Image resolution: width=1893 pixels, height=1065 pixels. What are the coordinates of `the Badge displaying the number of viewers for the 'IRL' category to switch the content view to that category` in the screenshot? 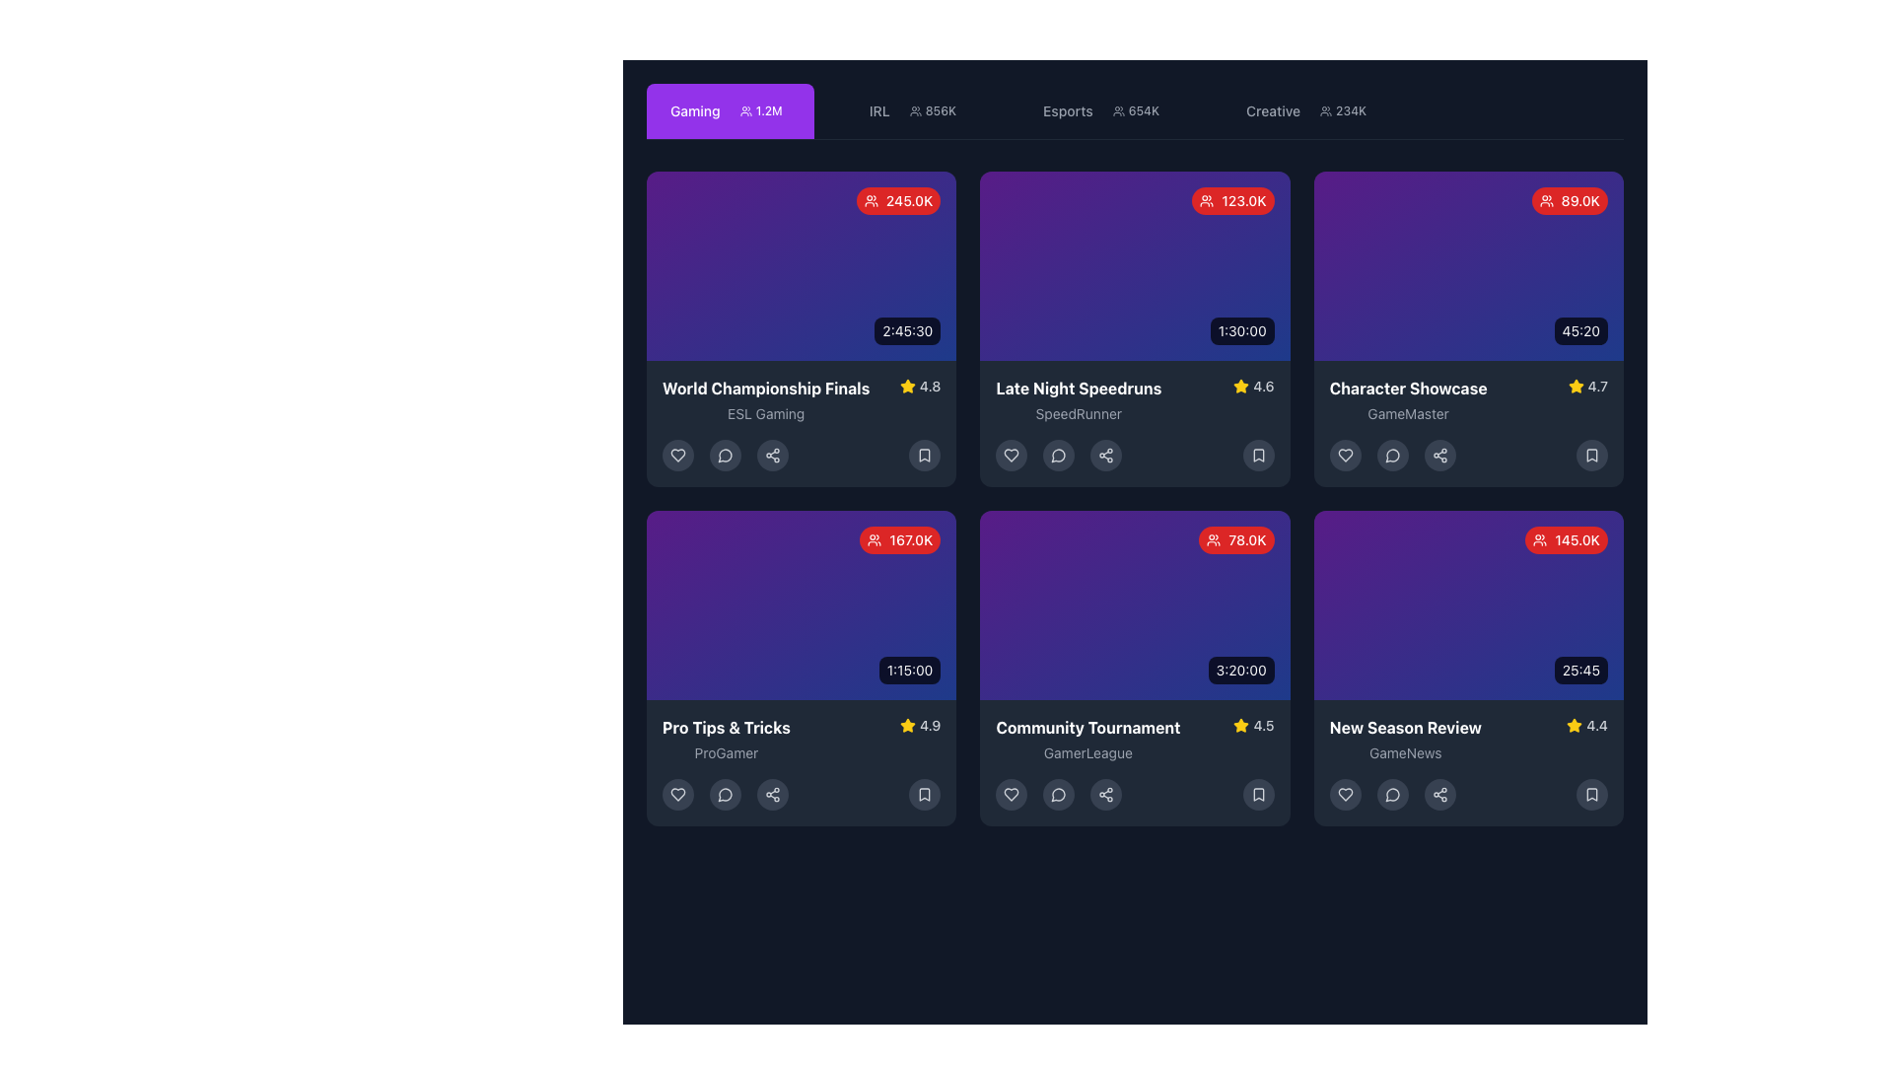 It's located at (932, 110).